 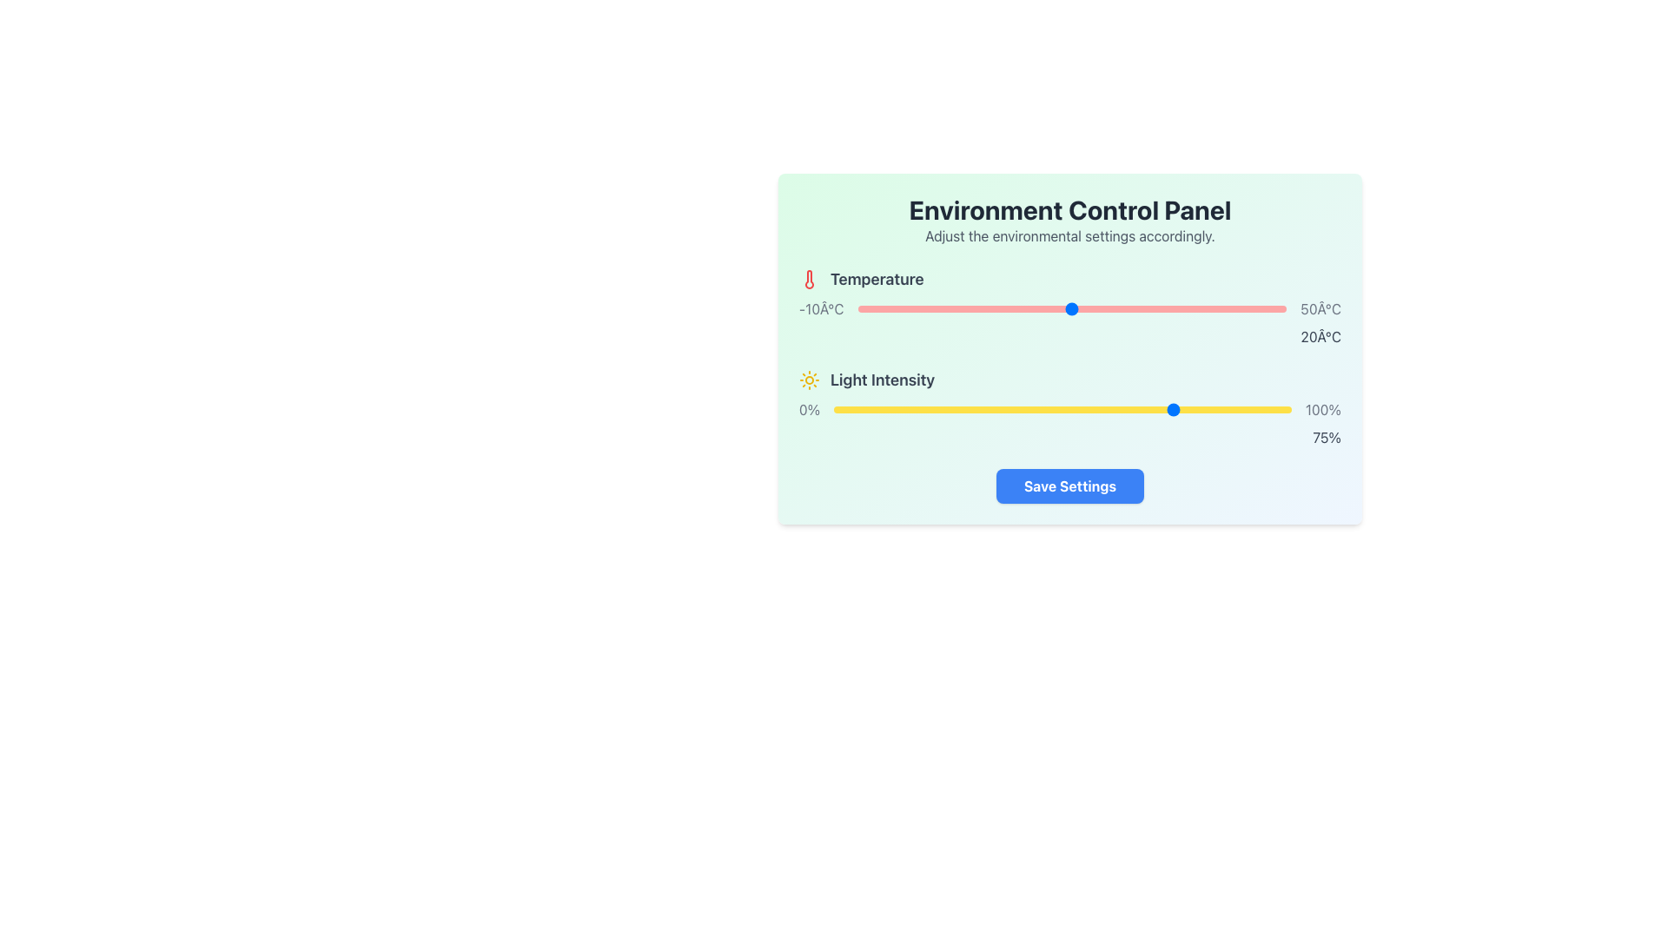 I want to click on light intensity, so click(x=1145, y=409).